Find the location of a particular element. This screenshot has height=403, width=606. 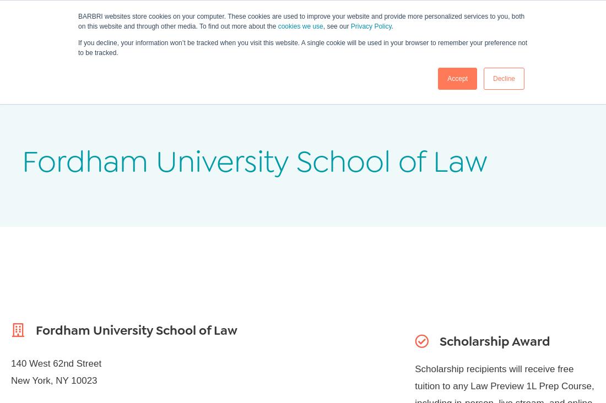

'Scholarship Award' is located at coordinates (495, 341).